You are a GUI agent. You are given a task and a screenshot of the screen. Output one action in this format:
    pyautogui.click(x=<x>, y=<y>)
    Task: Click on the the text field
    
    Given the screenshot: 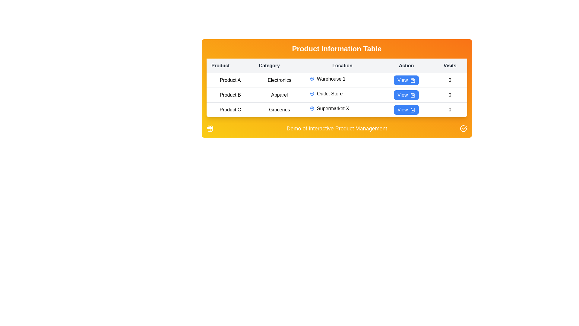 What is the action you would take?
    pyautogui.click(x=337, y=95)
    